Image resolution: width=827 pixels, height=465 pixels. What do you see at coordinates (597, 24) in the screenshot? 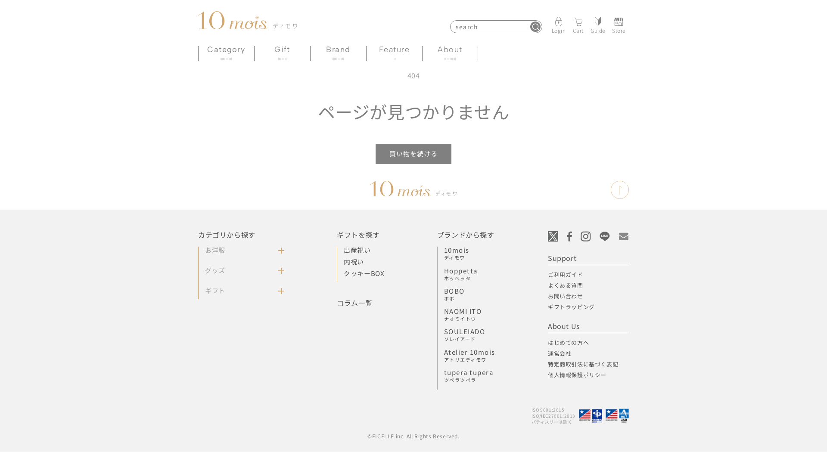
I see `'Guide'` at bounding box center [597, 24].